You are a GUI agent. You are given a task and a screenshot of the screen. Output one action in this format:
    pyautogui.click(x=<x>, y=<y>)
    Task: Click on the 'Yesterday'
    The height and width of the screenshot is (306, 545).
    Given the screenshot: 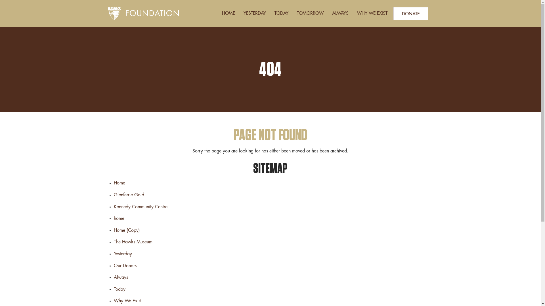 What is the action you would take?
    pyautogui.click(x=122, y=253)
    